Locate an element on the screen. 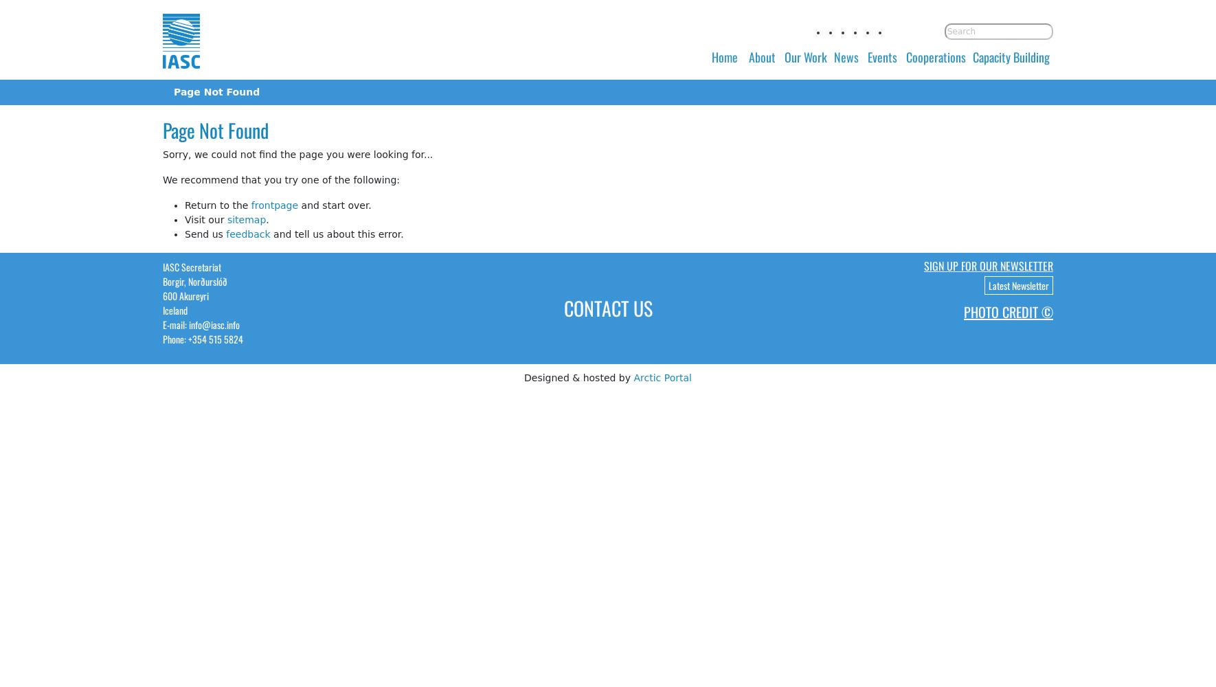 This screenshot has height=687, width=1216. 'frontpage' is located at coordinates (273, 205).